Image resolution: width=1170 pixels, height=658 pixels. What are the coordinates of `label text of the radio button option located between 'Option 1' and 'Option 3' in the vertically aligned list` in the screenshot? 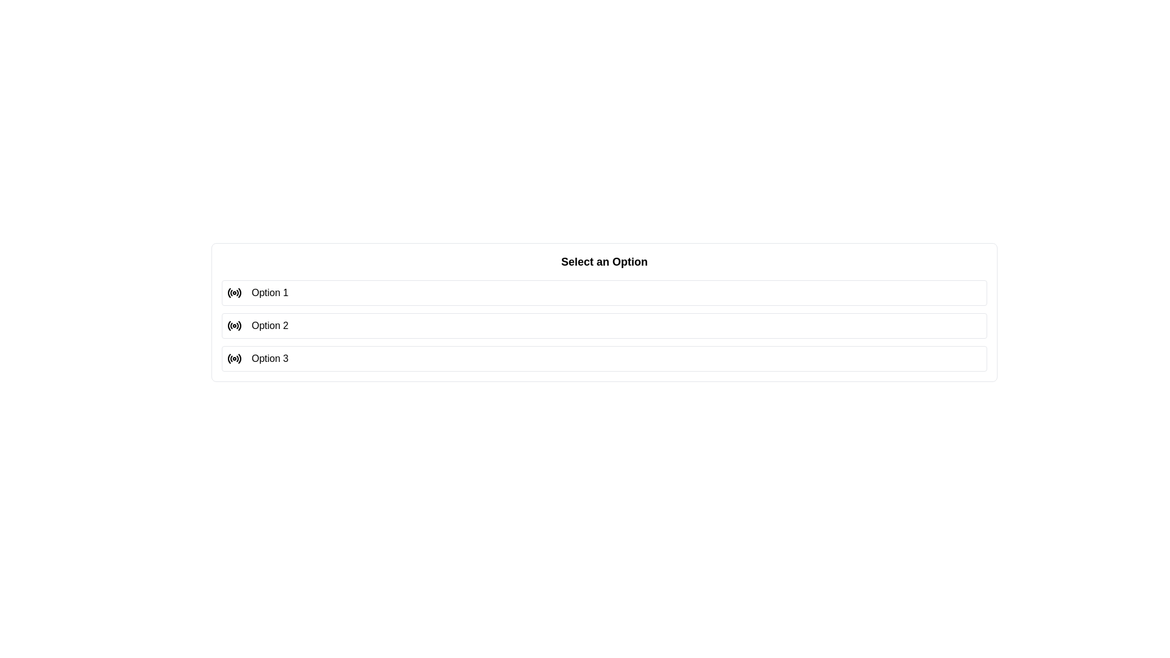 It's located at (269, 325).